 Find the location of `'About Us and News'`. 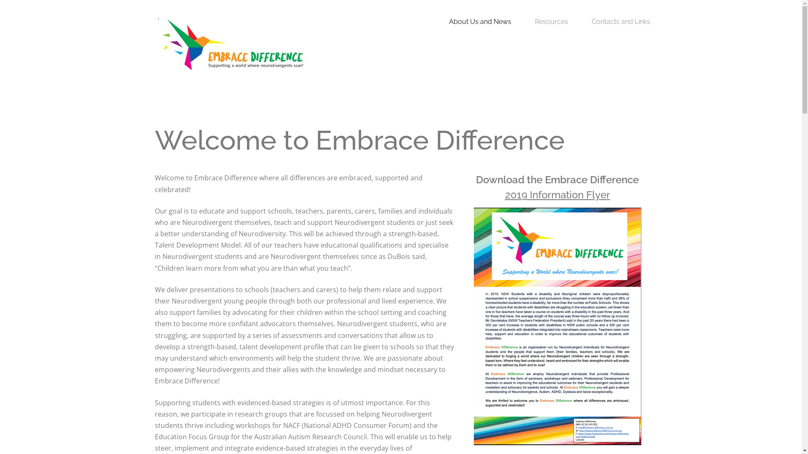

'About Us and News' is located at coordinates (480, 21).